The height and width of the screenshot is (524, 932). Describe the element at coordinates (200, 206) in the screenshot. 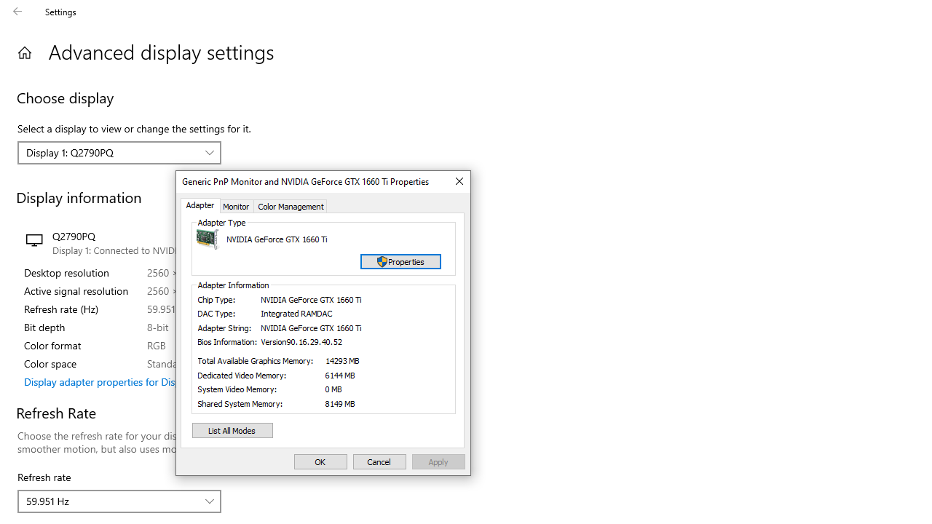

I see `'Adapter'` at that location.